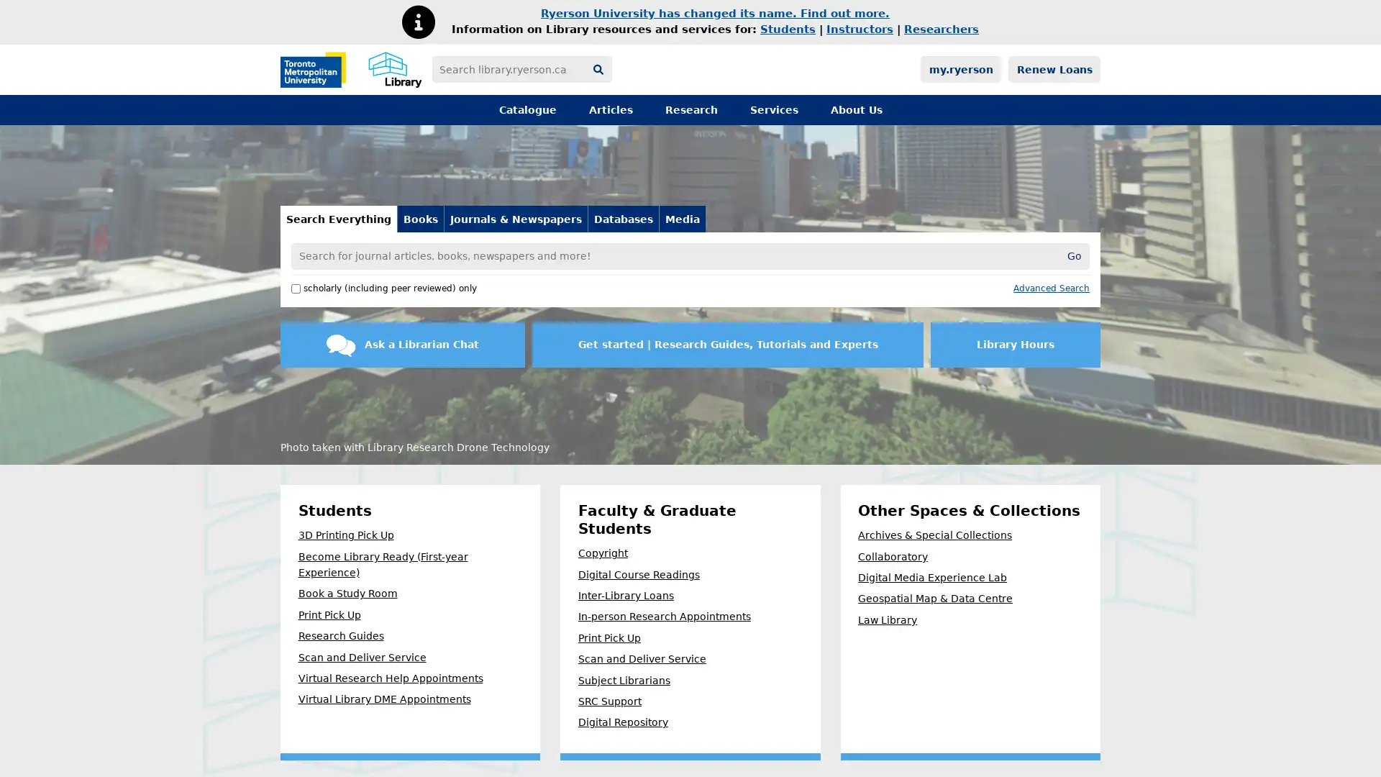 The width and height of the screenshot is (1381, 777). What do you see at coordinates (598, 69) in the screenshot?
I see `Search` at bounding box center [598, 69].